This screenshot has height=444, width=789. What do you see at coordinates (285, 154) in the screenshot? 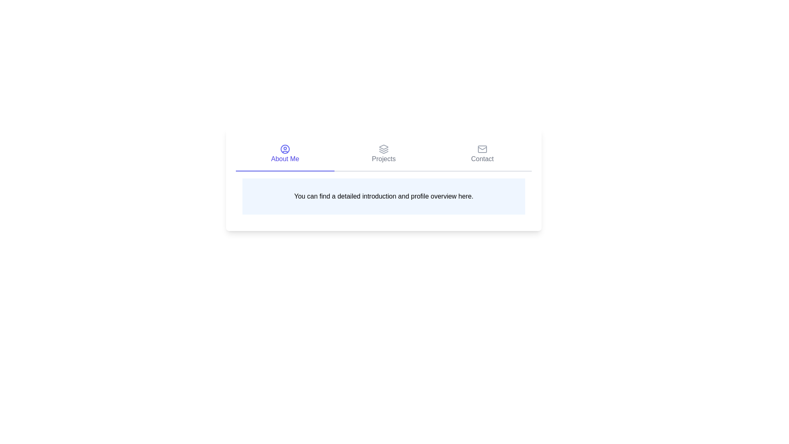
I see `the About Me tab by clicking on its button` at bounding box center [285, 154].